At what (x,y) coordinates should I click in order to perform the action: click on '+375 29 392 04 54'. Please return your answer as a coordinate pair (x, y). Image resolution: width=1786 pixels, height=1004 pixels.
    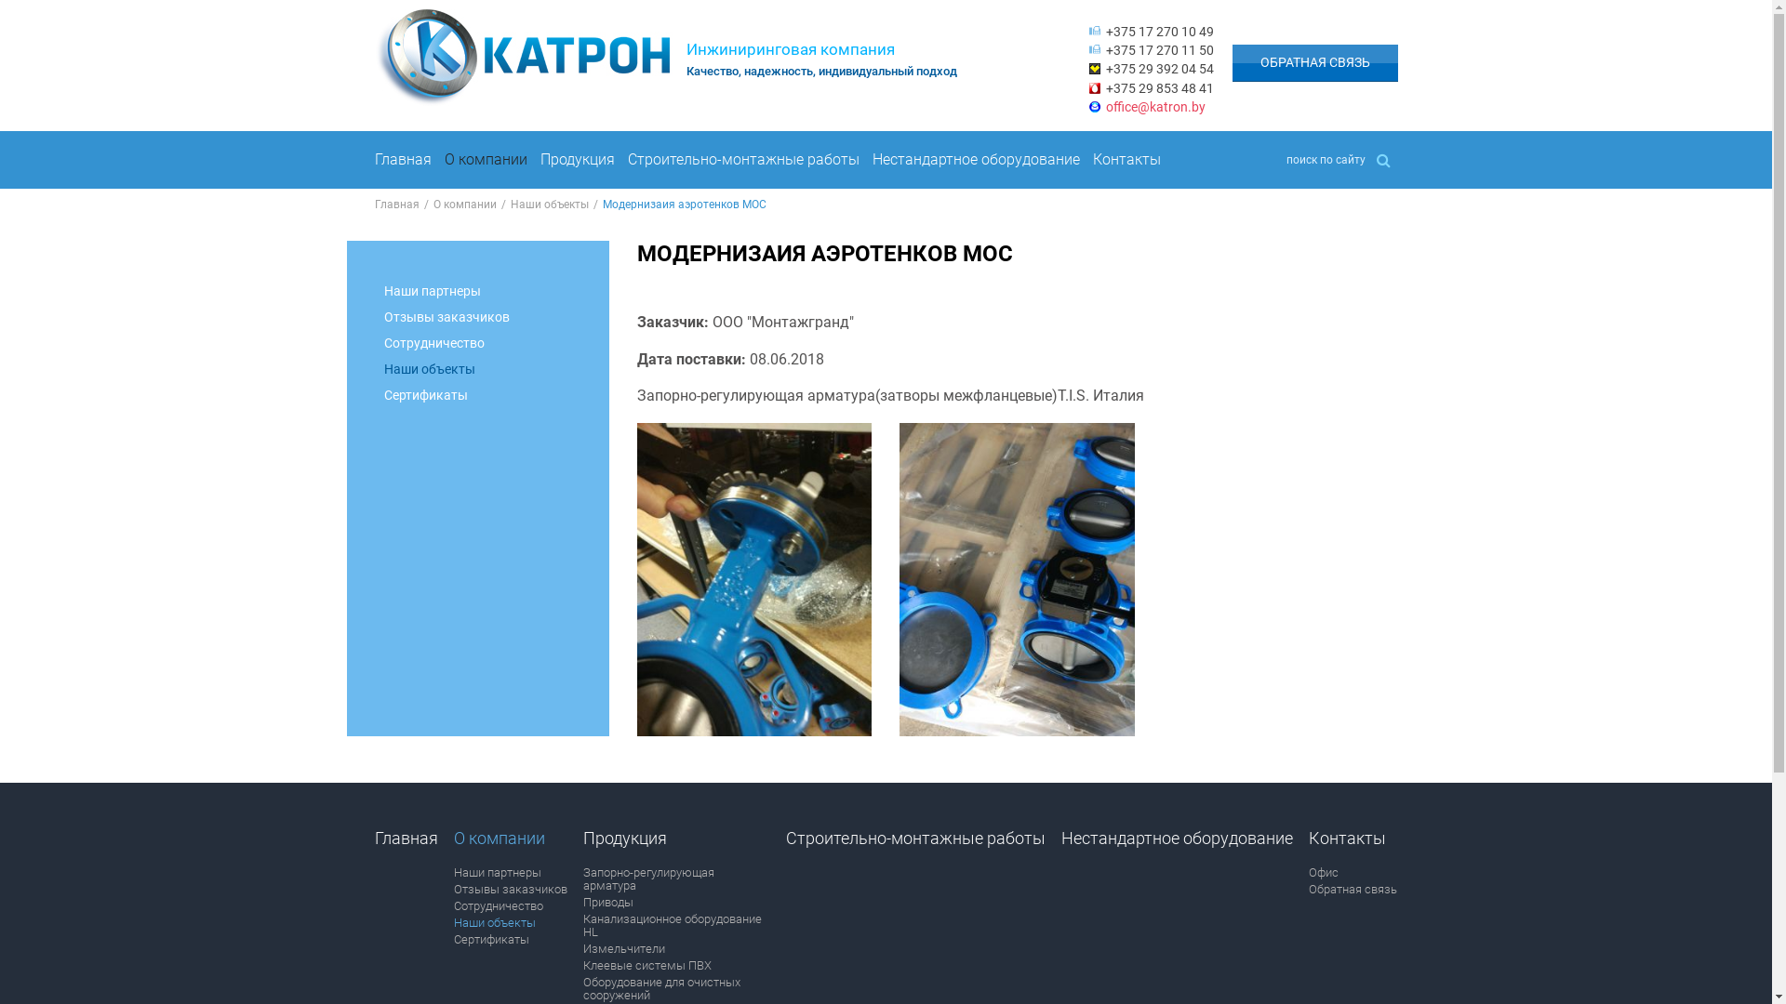
    Looking at the image, I should click on (1158, 67).